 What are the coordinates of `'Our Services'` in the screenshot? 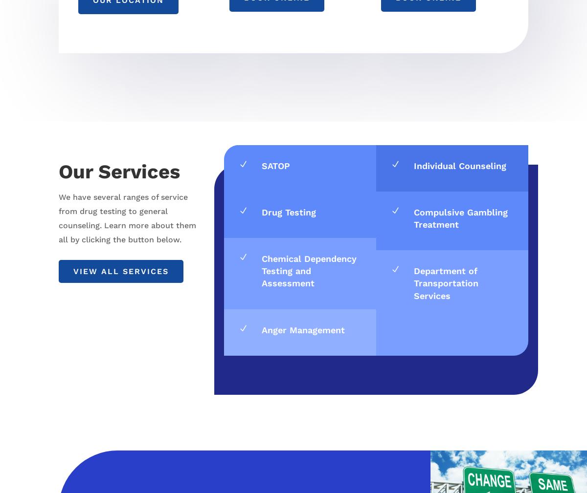 It's located at (118, 171).